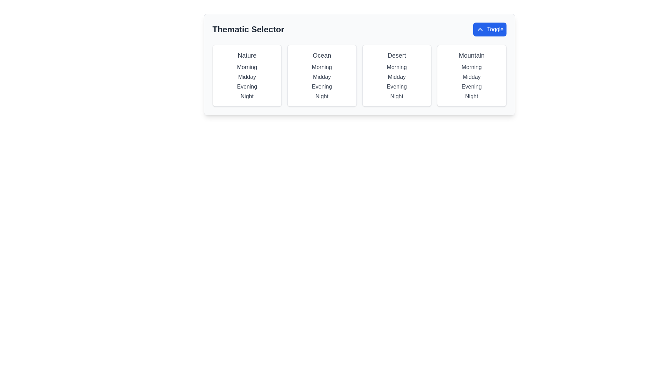  What do you see at coordinates (397, 77) in the screenshot?
I see `the 'Midday' text label in the 'Desert' section` at bounding box center [397, 77].